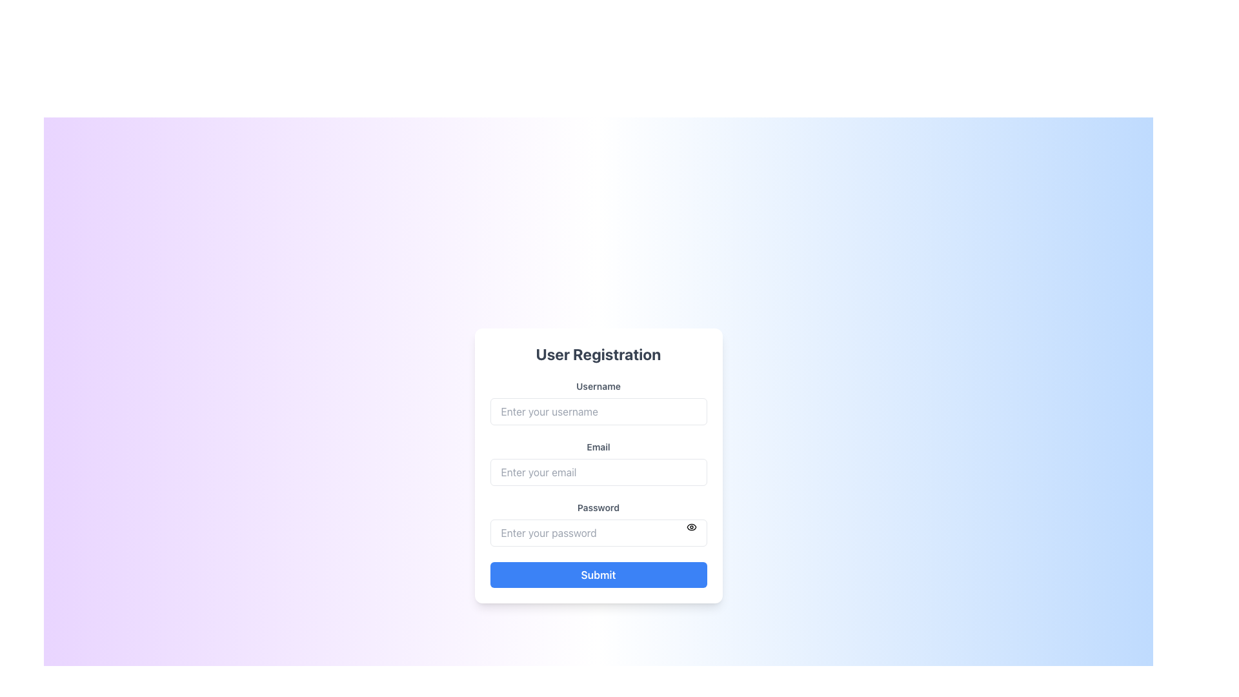 The image size is (1239, 697). What do you see at coordinates (690, 527) in the screenshot?
I see `the eye icon button located to the far right of the password input field` at bounding box center [690, 527].